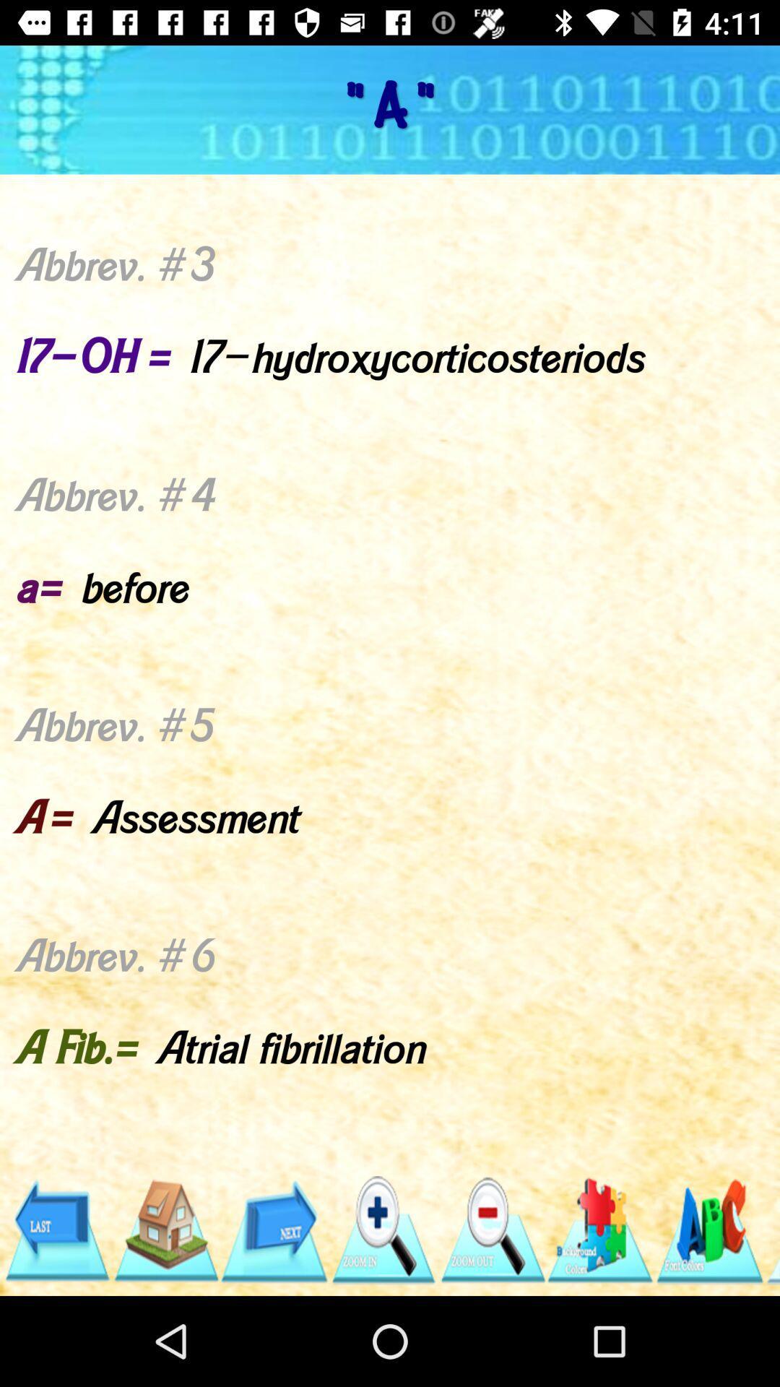 This screenshot has height=1387, width=780. Describe the element at coordinates (708, 1230) in the screenshot. I see `vocabulary practice review option` at that location.